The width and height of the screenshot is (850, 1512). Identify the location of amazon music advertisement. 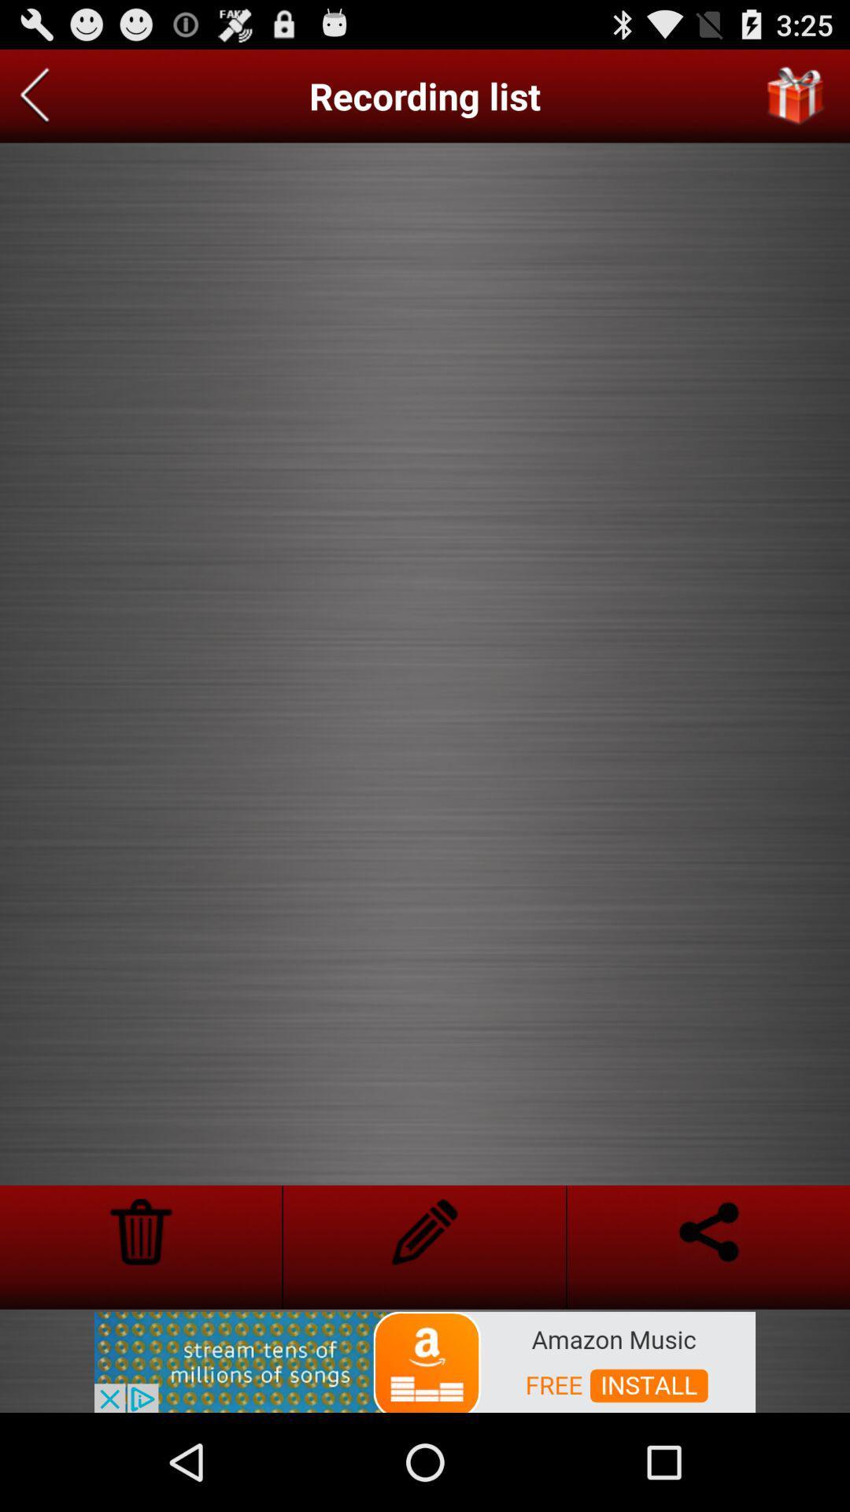
(425, 1360).